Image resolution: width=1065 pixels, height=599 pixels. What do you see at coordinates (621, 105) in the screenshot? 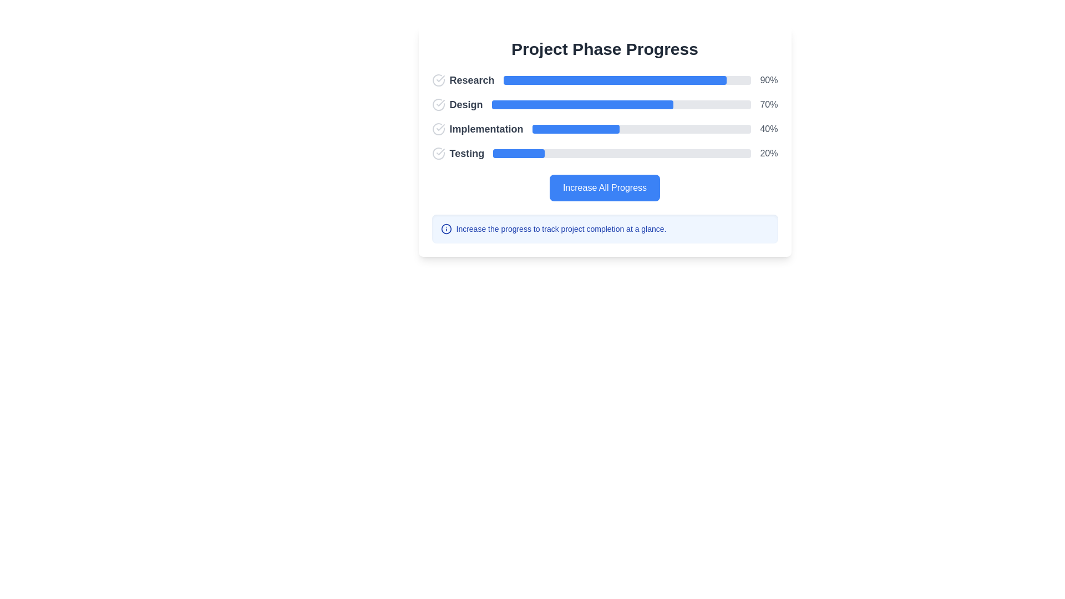
I see `the non-interactive progress bar indicating the 'Design' phase of the project, which shows a completion status of '70%'` at bounding box center [621, 105].